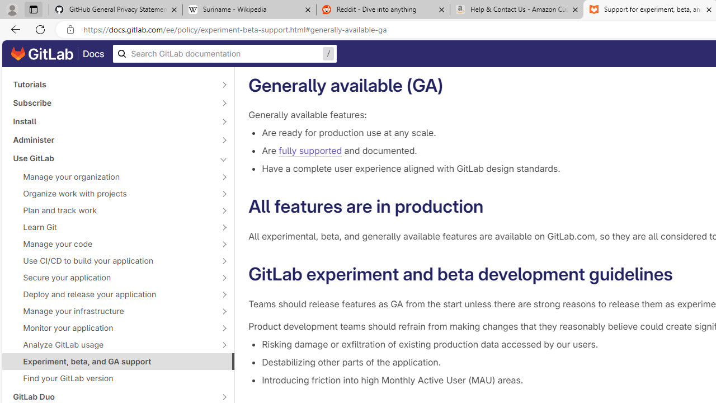  Describe the element at coordinates (112, 260) in the screenshot. I see `'Use CI/CD to build your application'` at that location.